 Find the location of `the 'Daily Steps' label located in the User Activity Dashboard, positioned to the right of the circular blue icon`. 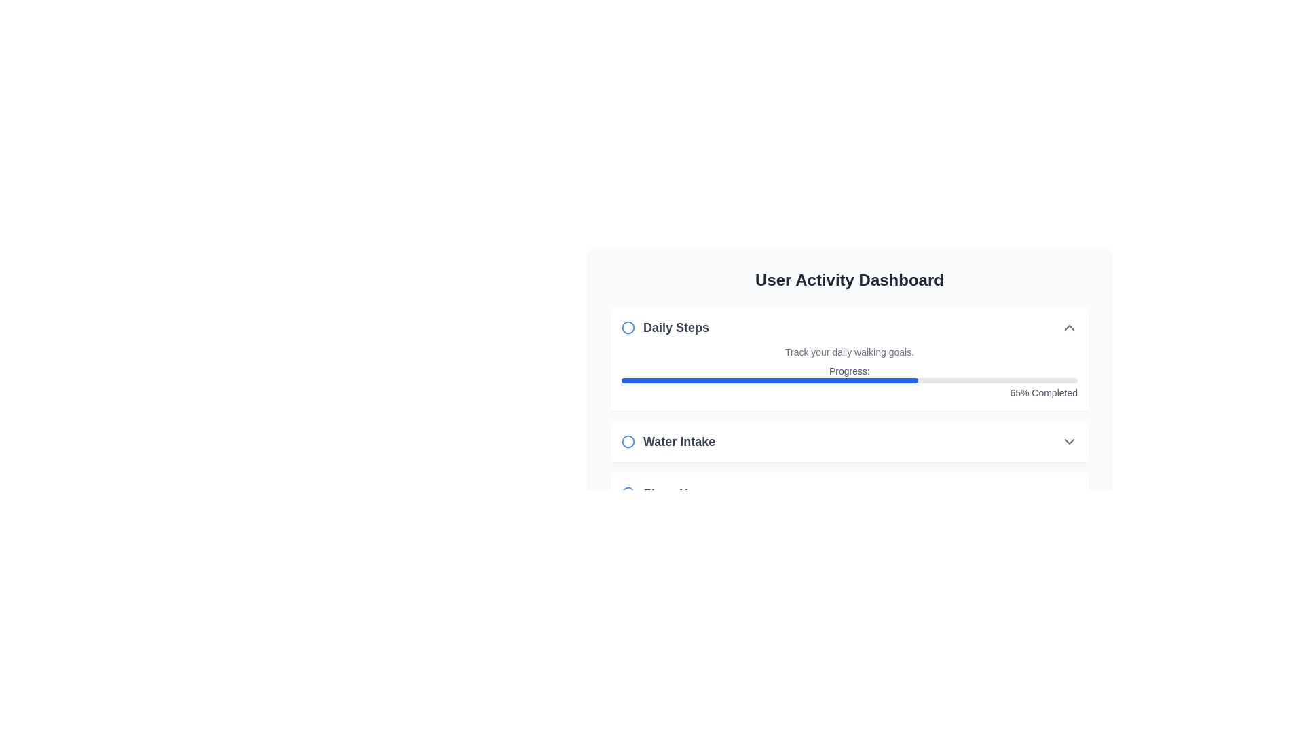

the 'Daily Steps' label located in the User Activity Dashboard, positioned to the right of the circular blue icon is located at coordinates (676, 327).